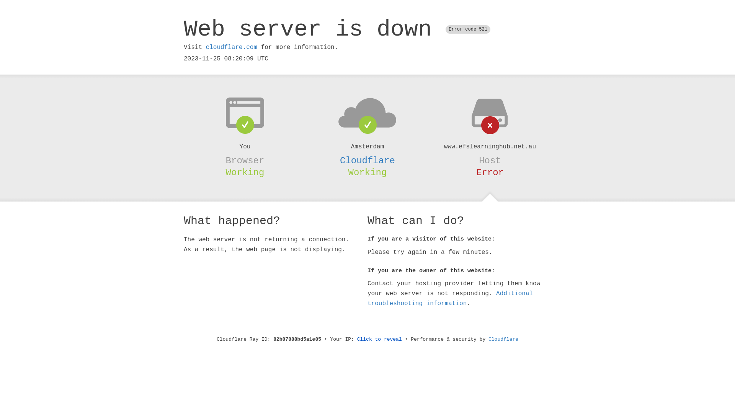 This screenshot has width=735, height=413. Describe the element at coordinates (503, 339) in the screenshot. I see `'Cloudflare'` at that location.